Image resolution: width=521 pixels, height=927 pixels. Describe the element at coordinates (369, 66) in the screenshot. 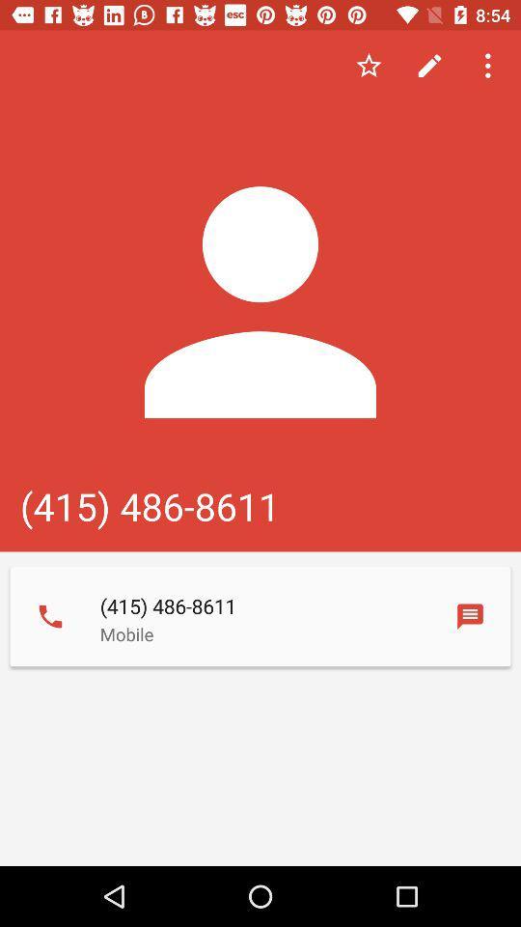

I see `favorites icon` at that location.